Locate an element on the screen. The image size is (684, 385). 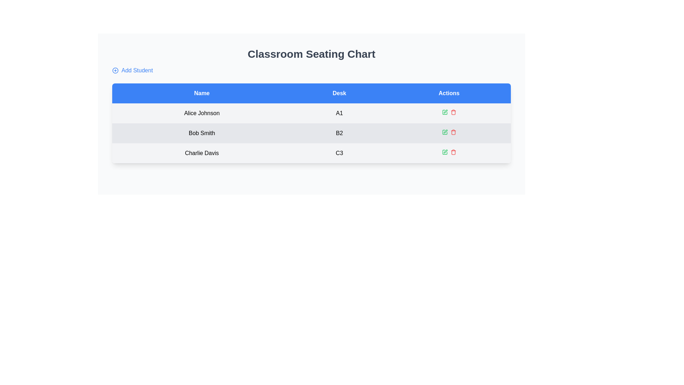
the edit button in the first row of actions for 'Alice Johnson' is located at coordinates (444, 112).